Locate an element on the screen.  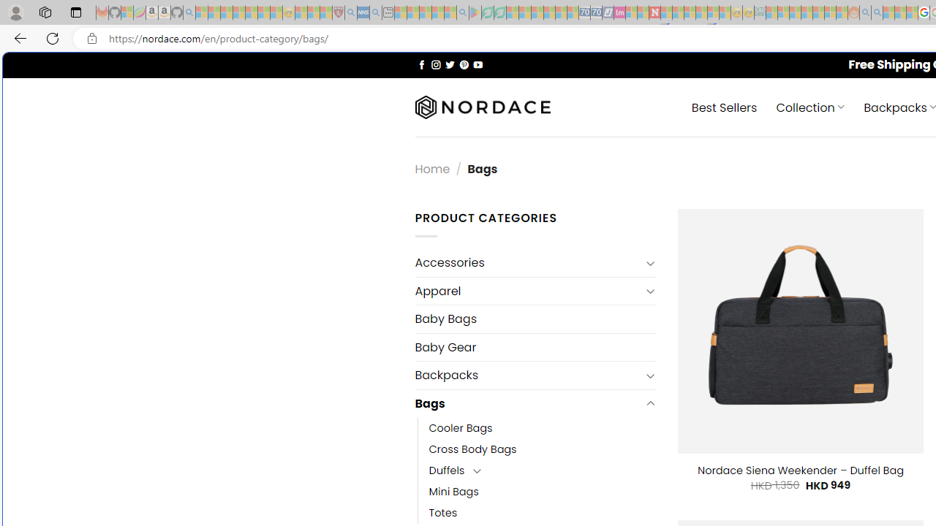
'Baby Bags' is located at coordinates (535, 319).